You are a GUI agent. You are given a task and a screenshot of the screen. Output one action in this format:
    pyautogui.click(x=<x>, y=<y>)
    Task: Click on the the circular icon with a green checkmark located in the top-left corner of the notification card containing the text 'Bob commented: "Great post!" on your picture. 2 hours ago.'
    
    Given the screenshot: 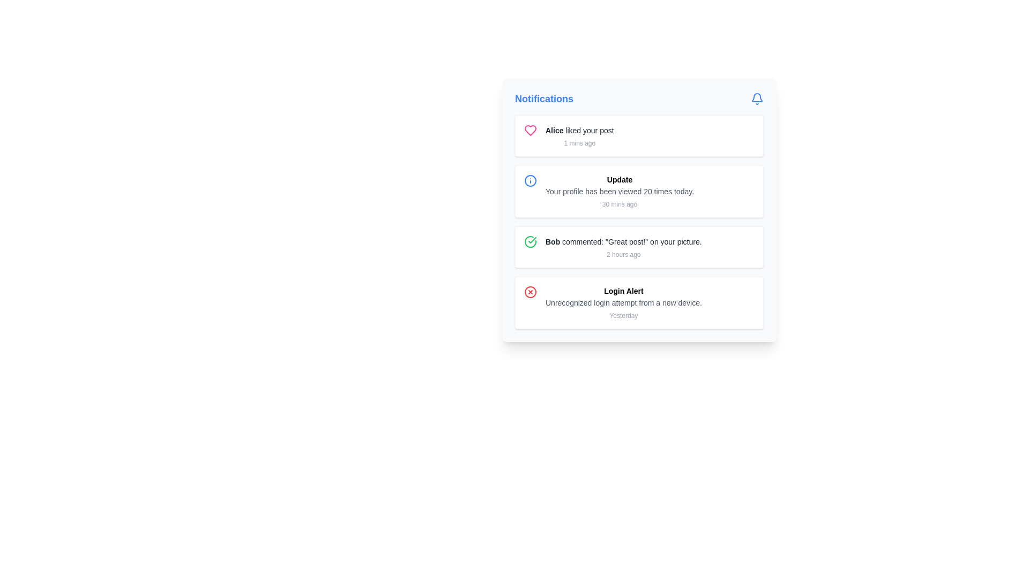 What is the action you would take?
    pyautogui.click(x=530, y=241)
    